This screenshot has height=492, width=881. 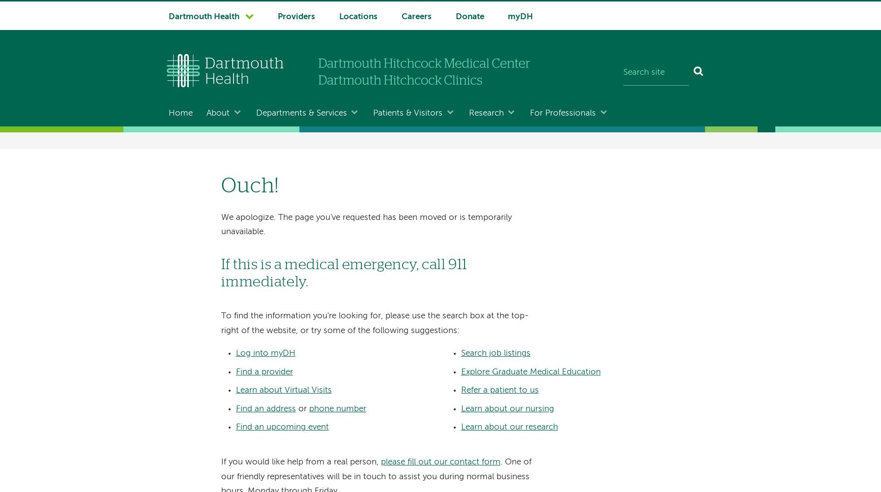 What do you see at coordinates (296, 172) in the screenshot?
I see `'Conditions & Treatments'` at bounding box center [296, 172].